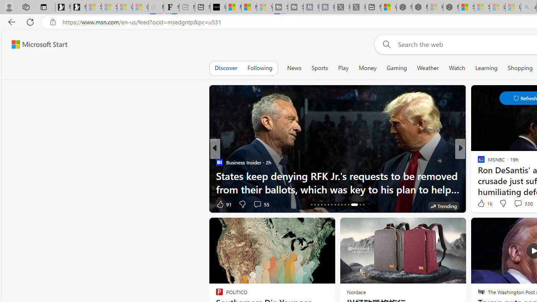 The width and height of the screenshot is (537, 302). Describe the element at coordinates (314, 205) in the screenshot. I see `'AutomationID: tab-17'` at that location.